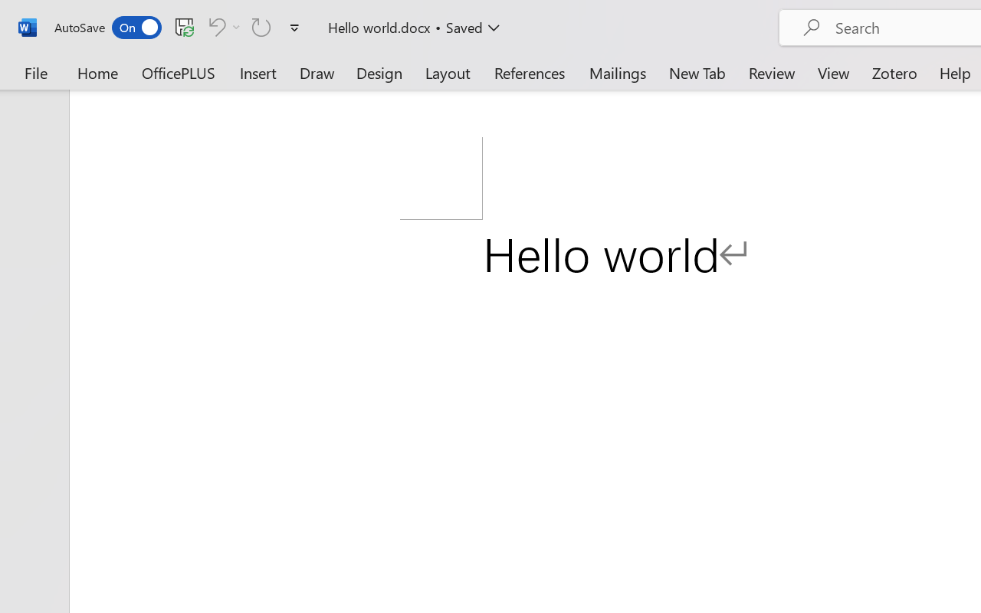  Describe the element at coordinates (447, 72) in the screenshot. I see `'Layout'` at that location.